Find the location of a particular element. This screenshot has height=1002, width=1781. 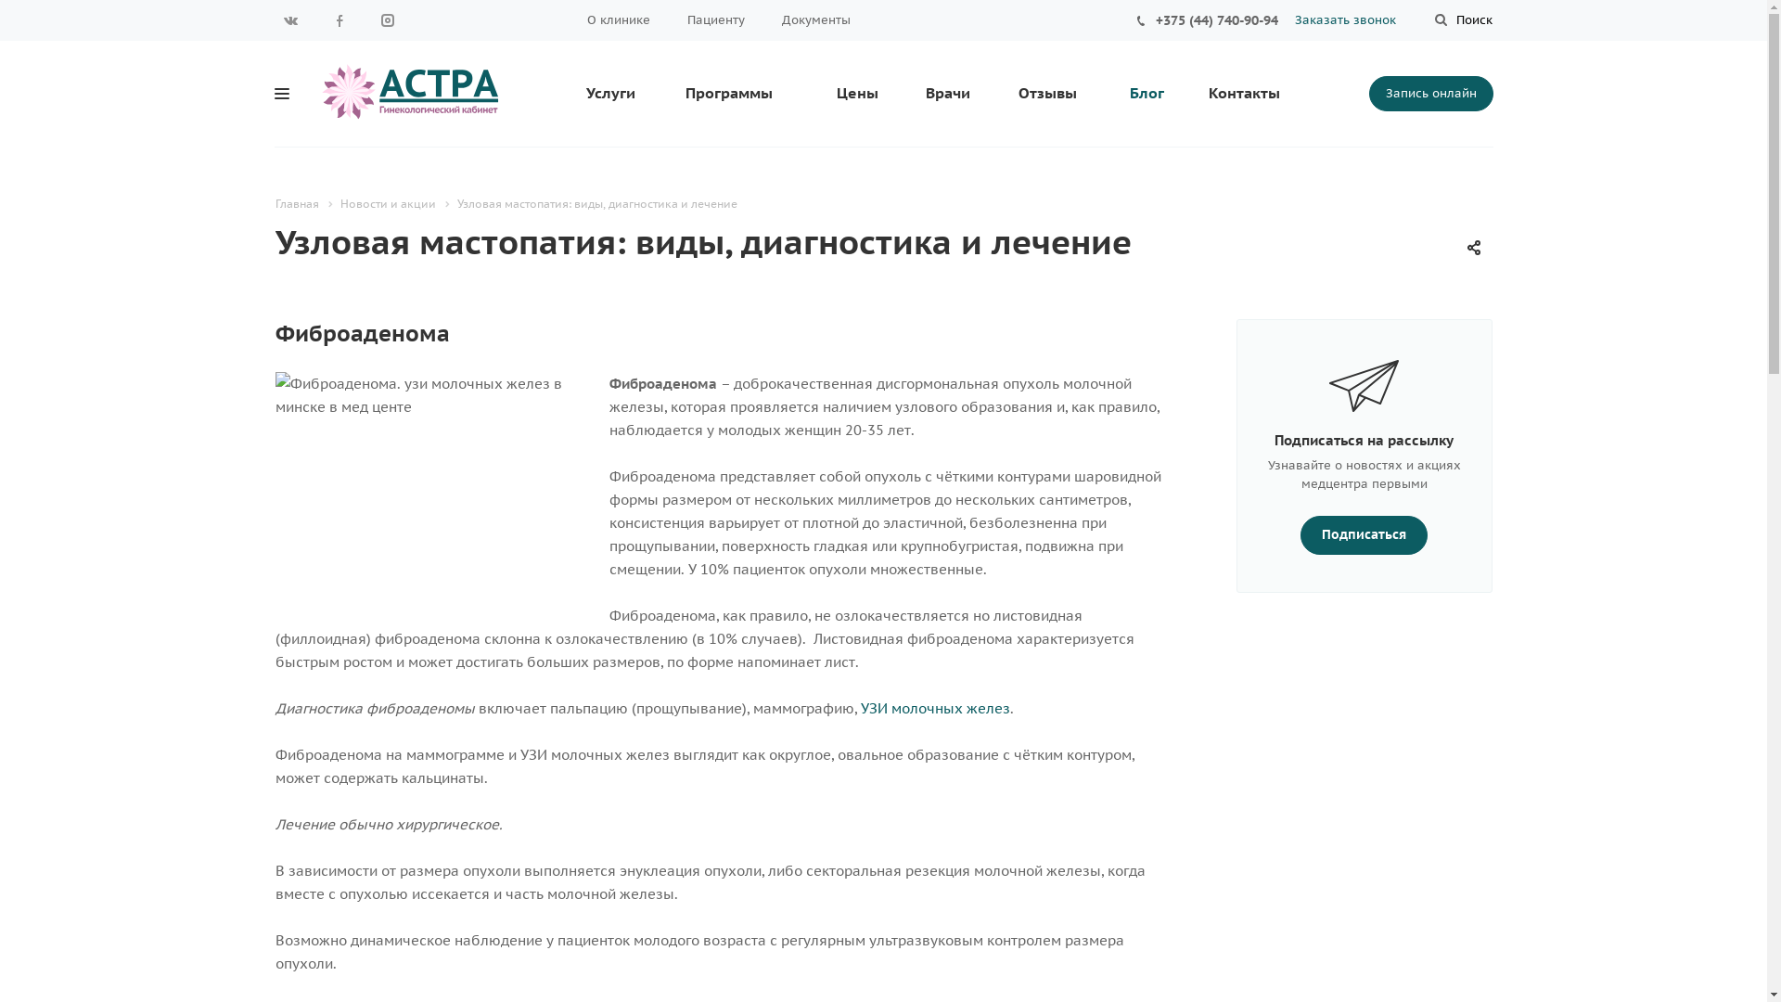

'astramed.by' is located at coordinates (320, 91).